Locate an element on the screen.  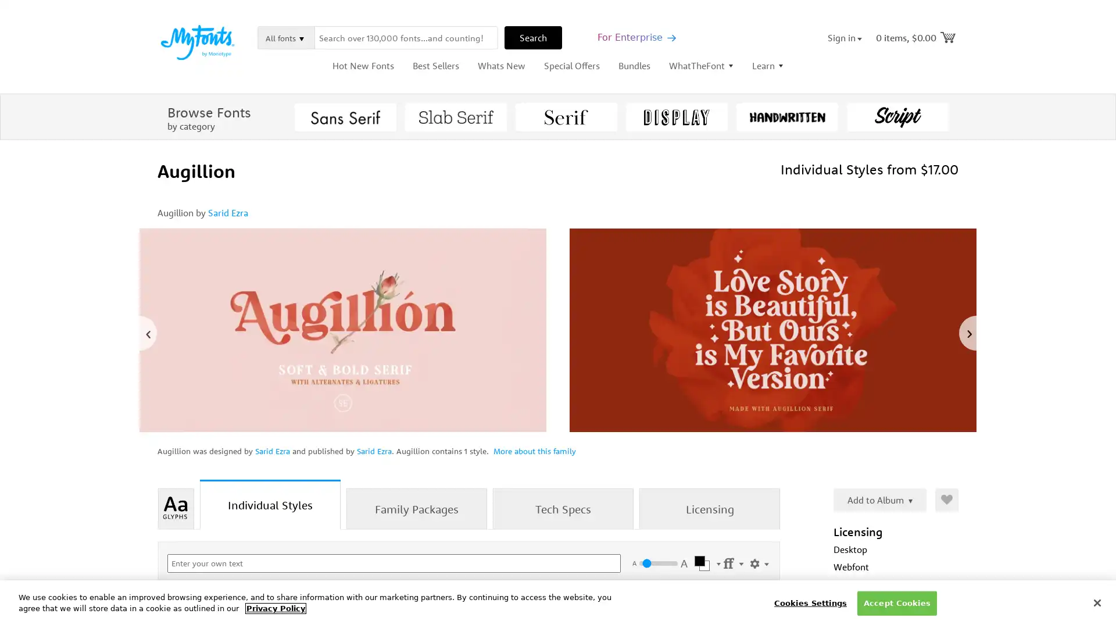
WhatTheFont is located at coordinates (700, 65).